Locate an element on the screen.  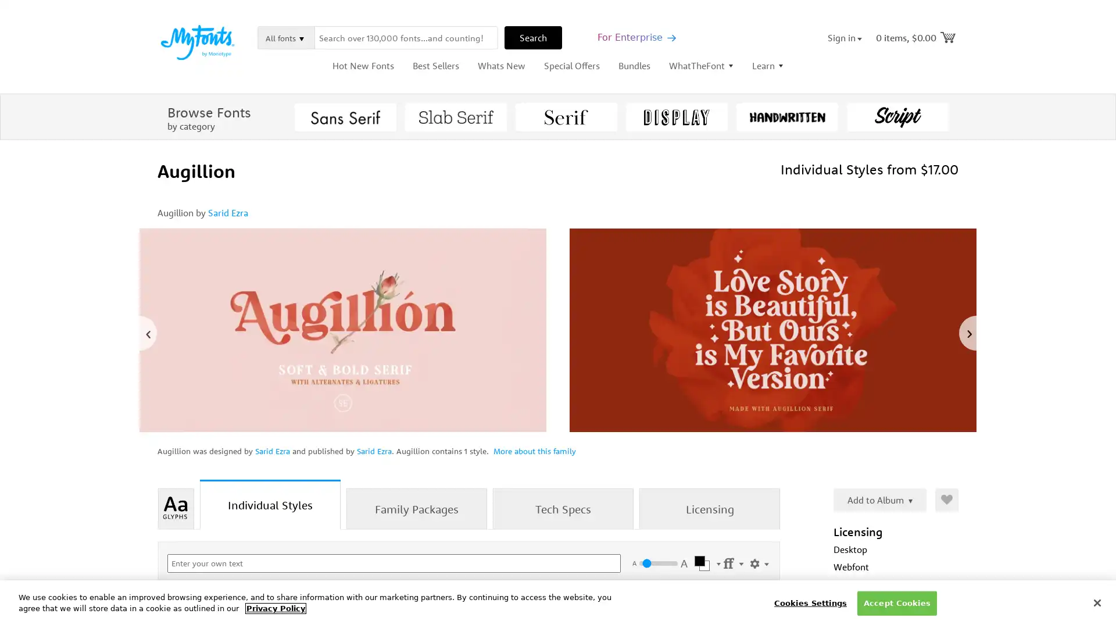
WhatTheFont is located at coordinates (700, 65).